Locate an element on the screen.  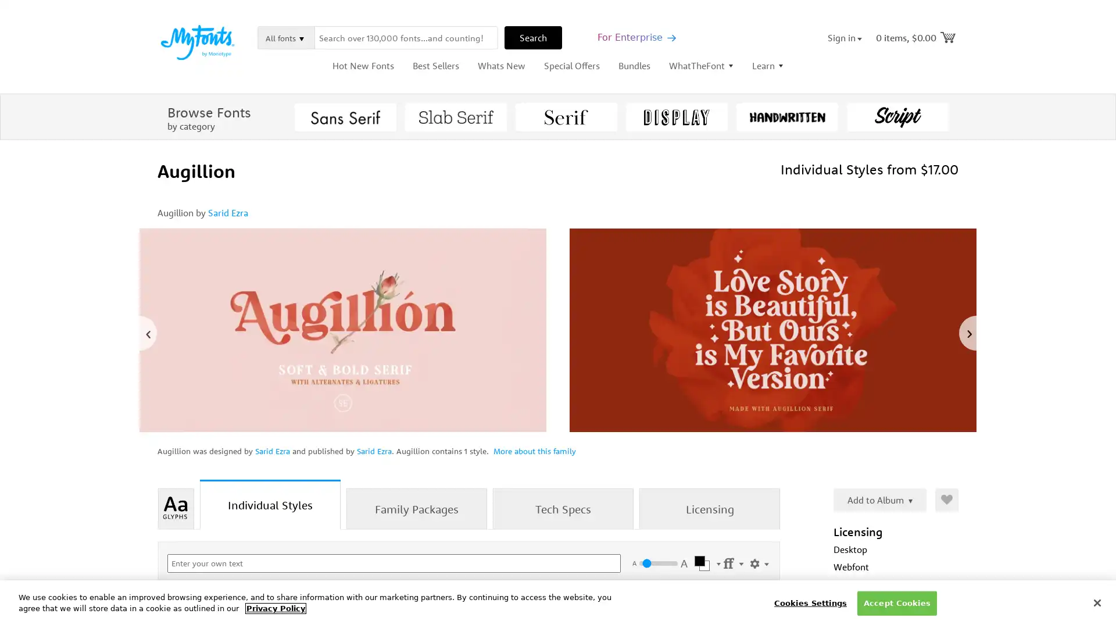
WhatTheFont is located at coordinates (700, 65).